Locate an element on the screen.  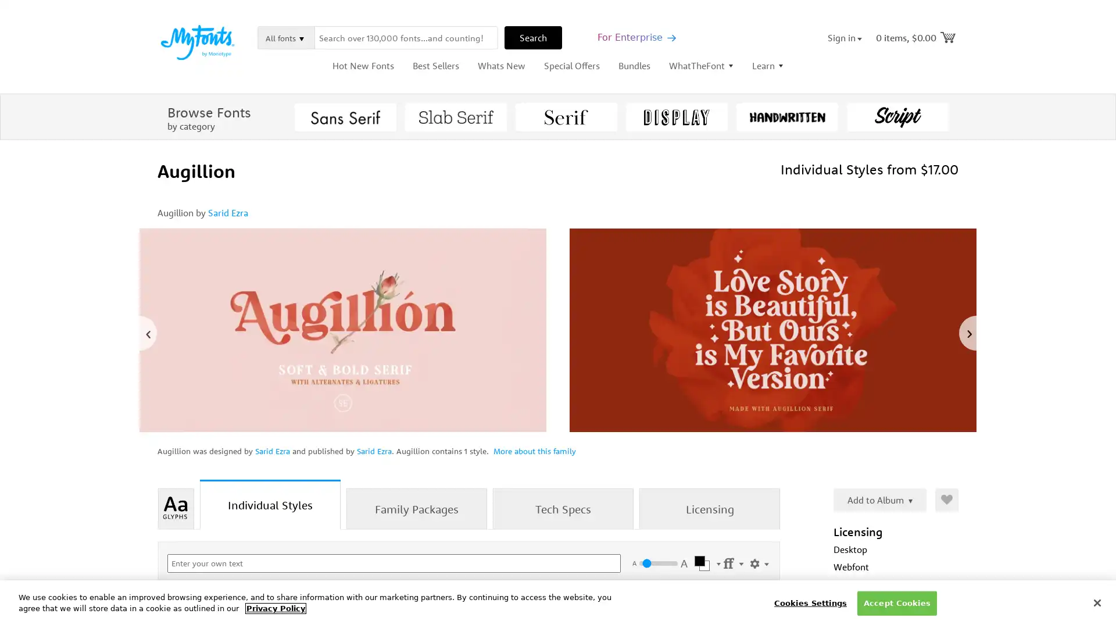
WhatTheFont is located at coordinates (700, 65).